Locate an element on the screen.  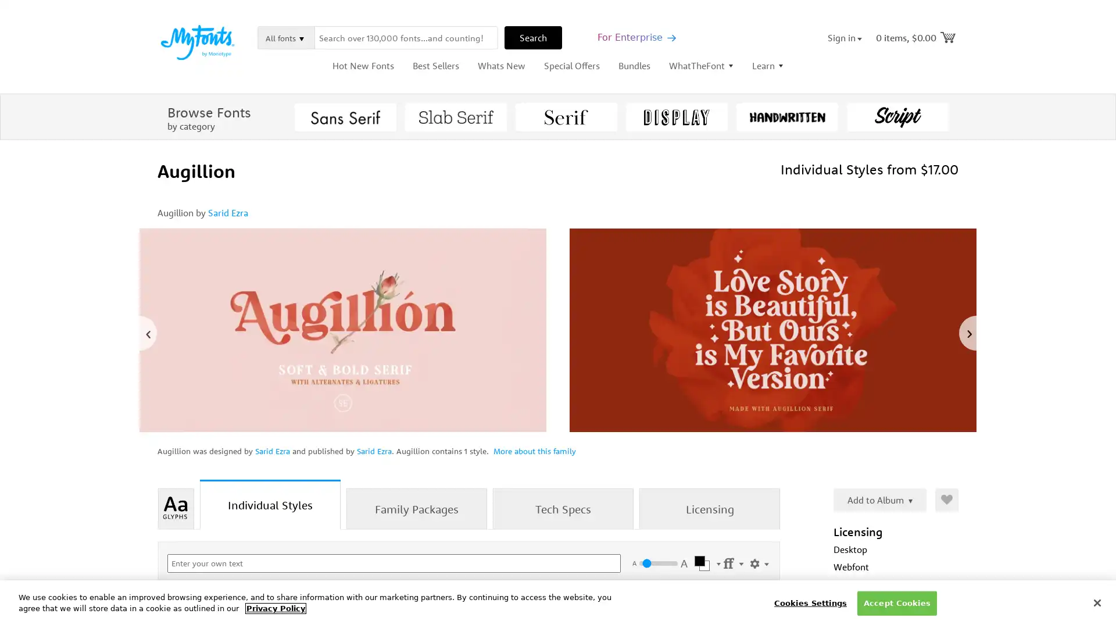
WhatTheFont is located at coordinates (700, 65).